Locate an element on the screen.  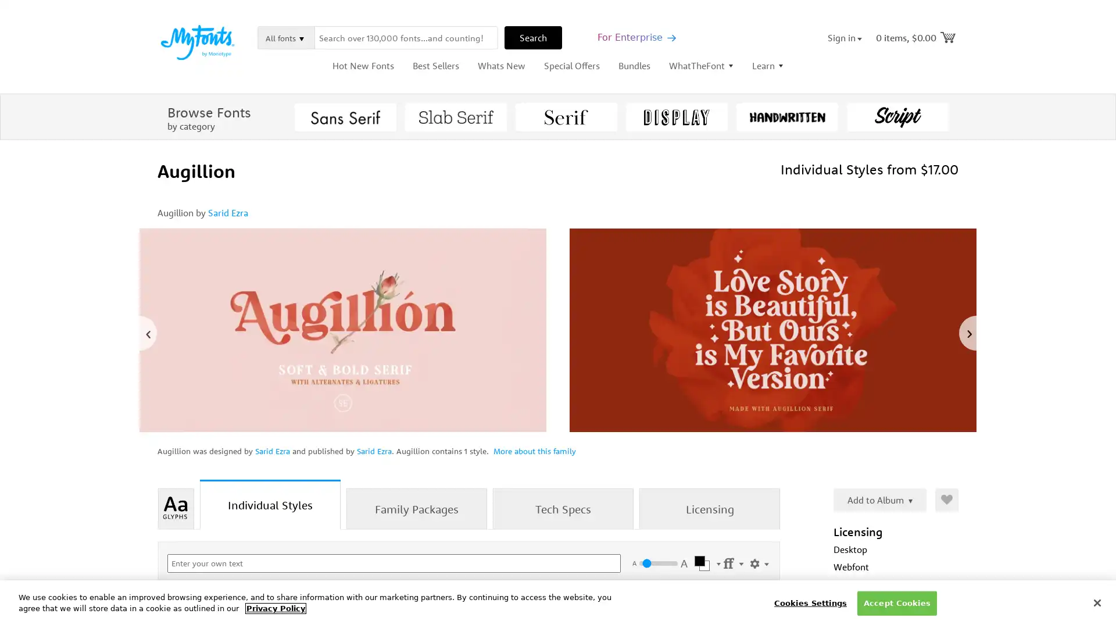
WhatTheFont is located at coordinates (700, 65).